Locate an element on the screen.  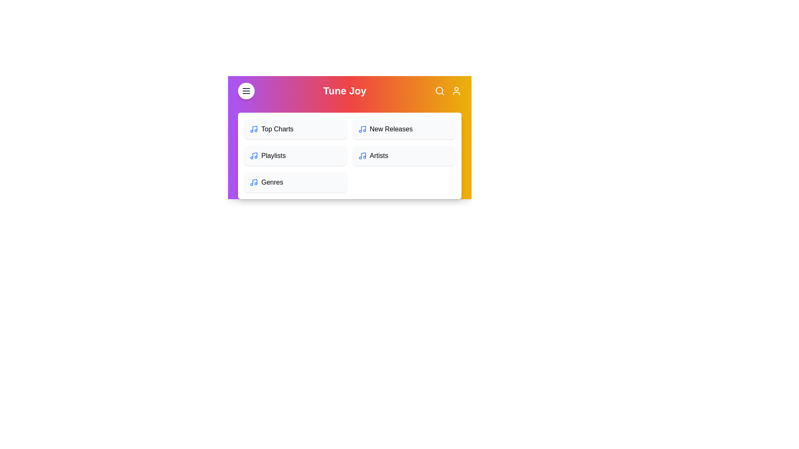
the menu button to toggle the visibility of the menu is located at coordinates (246, 91).